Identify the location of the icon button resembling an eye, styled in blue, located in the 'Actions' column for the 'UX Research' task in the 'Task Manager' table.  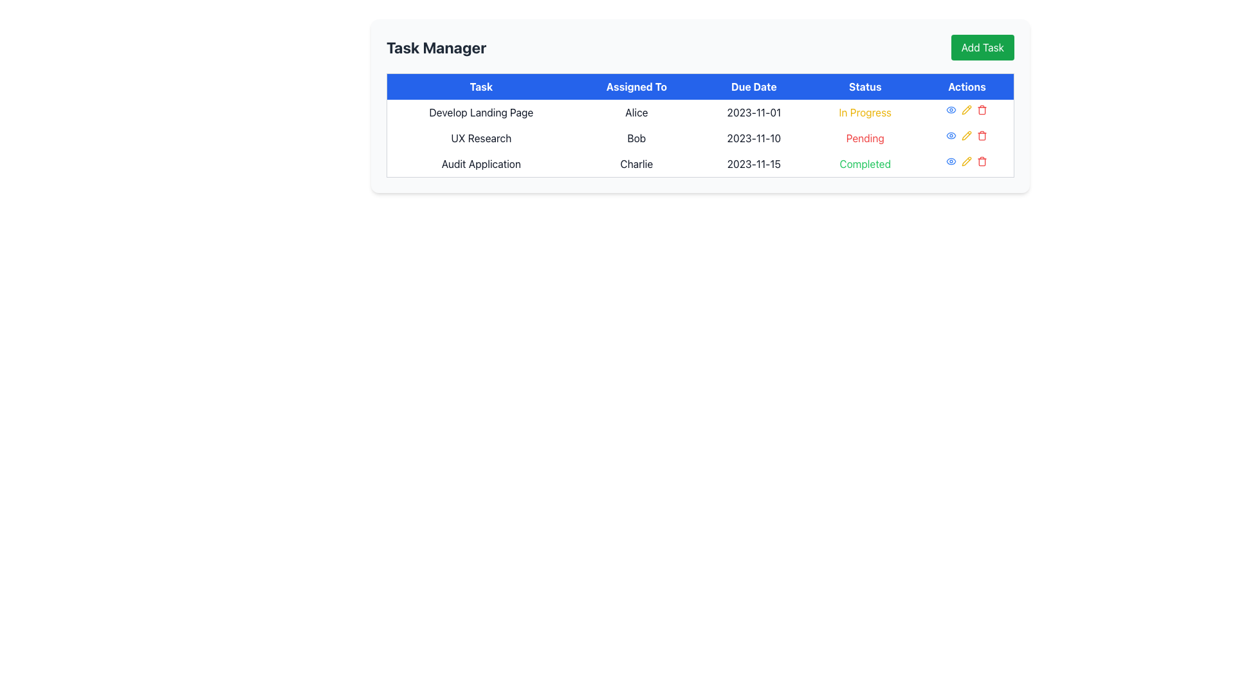
(951, 136).